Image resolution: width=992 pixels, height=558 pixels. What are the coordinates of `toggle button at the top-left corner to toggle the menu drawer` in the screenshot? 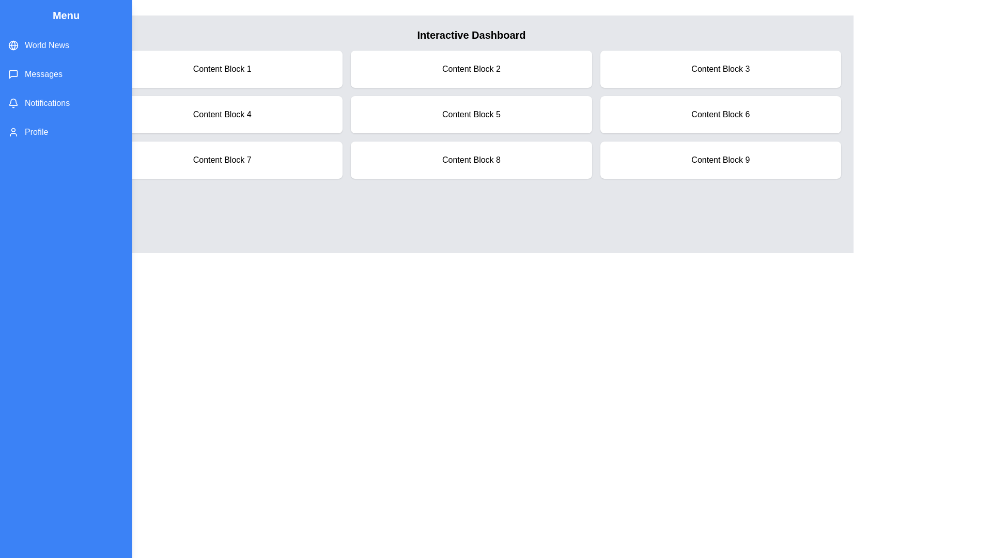 It's located at (22, 22).